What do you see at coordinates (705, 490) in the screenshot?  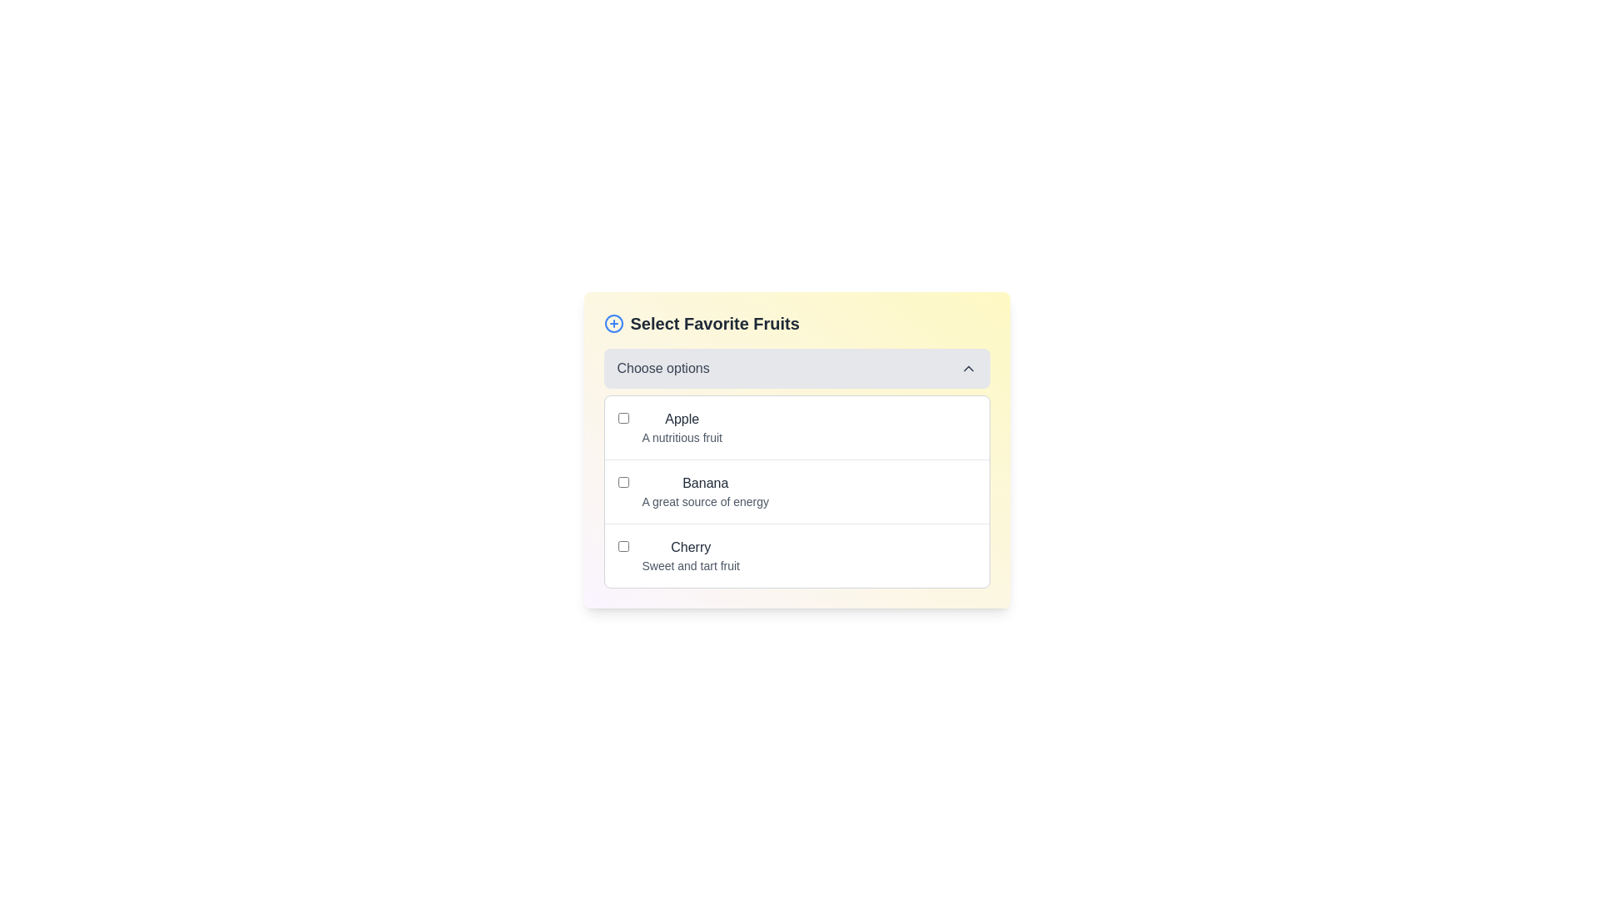 I see `information displayed in the text label that shows 'Banana' and 'A great source of energy', positioned in the middle of a vertical list of items` at bounding box center [705, 490].